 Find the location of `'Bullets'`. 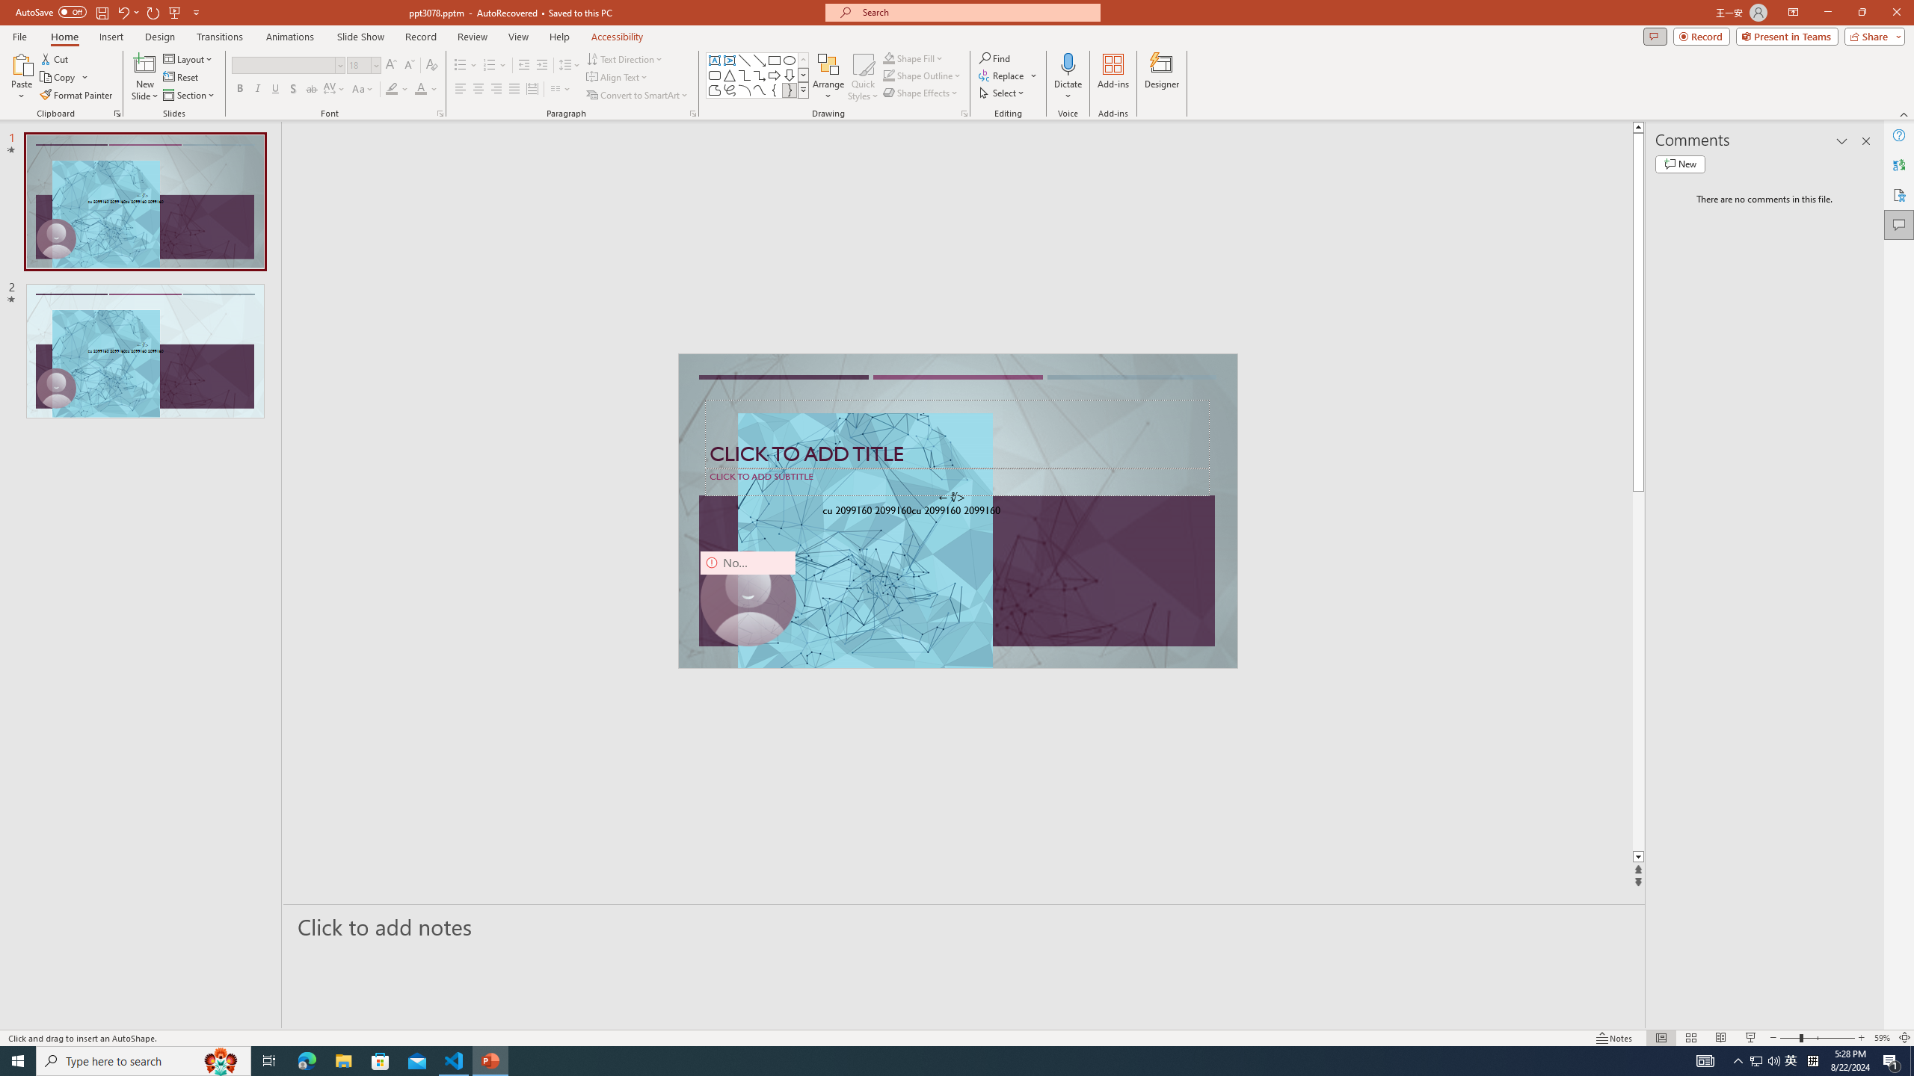

'Bullets' is located at coordinates (460, 65).